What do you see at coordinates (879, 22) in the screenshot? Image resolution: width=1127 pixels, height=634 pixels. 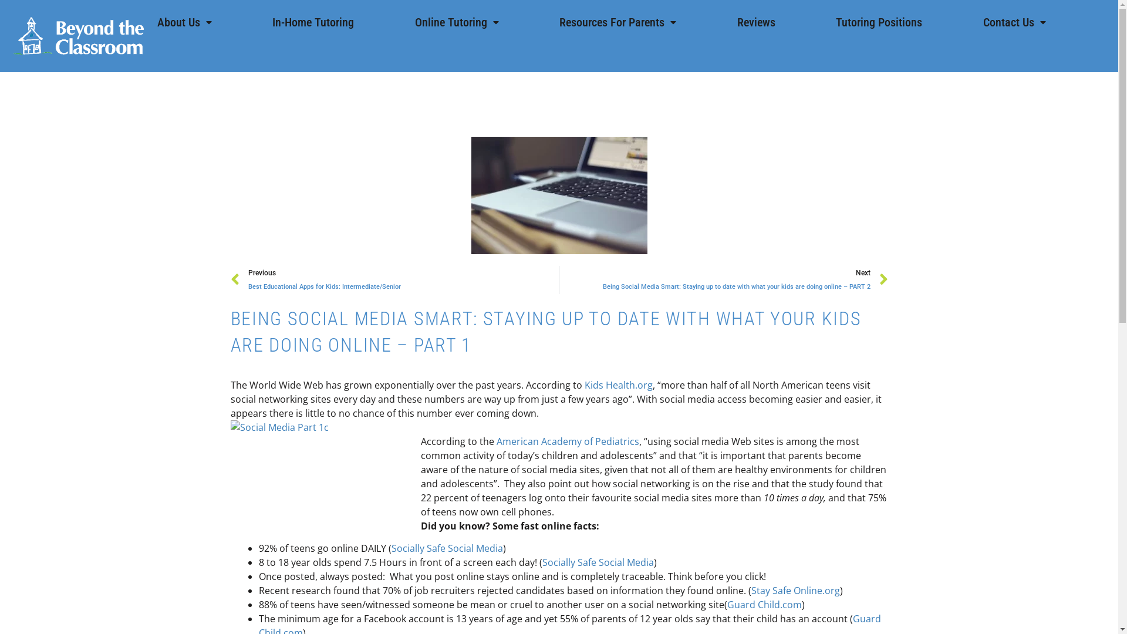 I see `'Tutoring Positions'` at bounding box center [879, 22].